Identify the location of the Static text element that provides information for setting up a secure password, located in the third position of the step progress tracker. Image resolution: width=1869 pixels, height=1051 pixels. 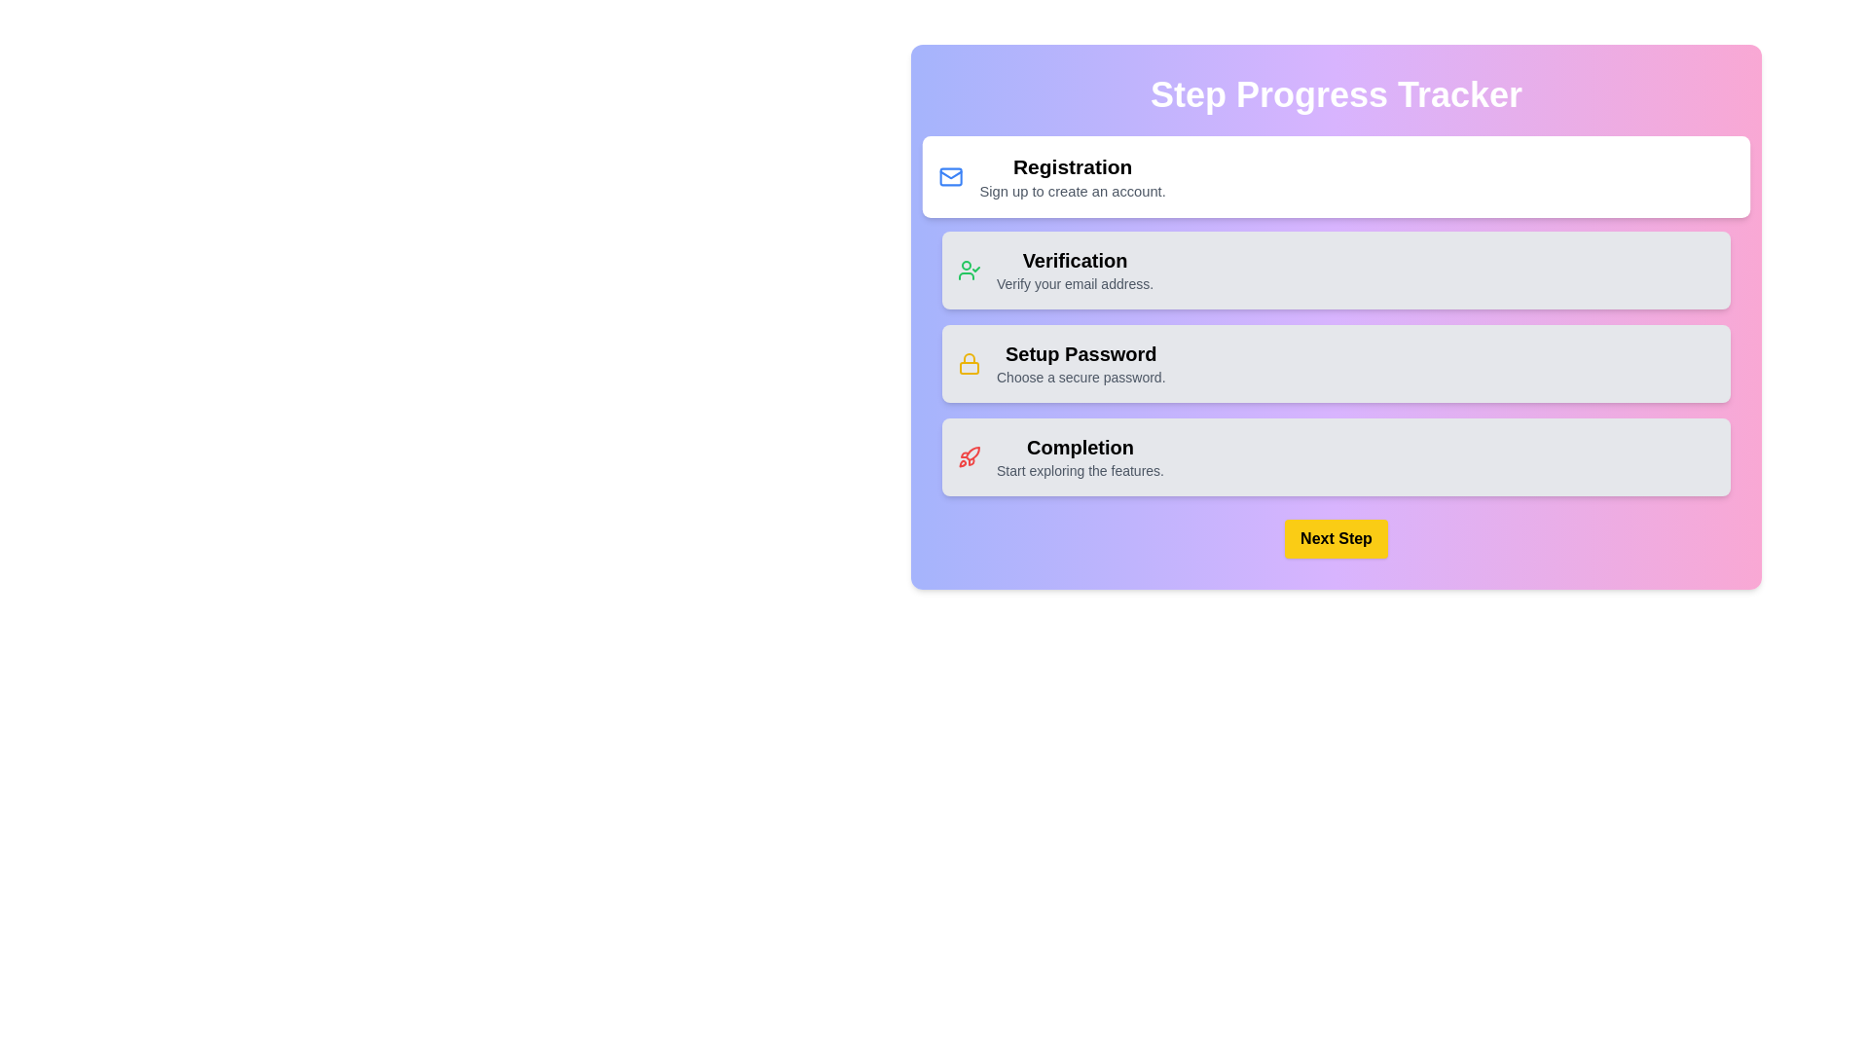
(1080, 364).